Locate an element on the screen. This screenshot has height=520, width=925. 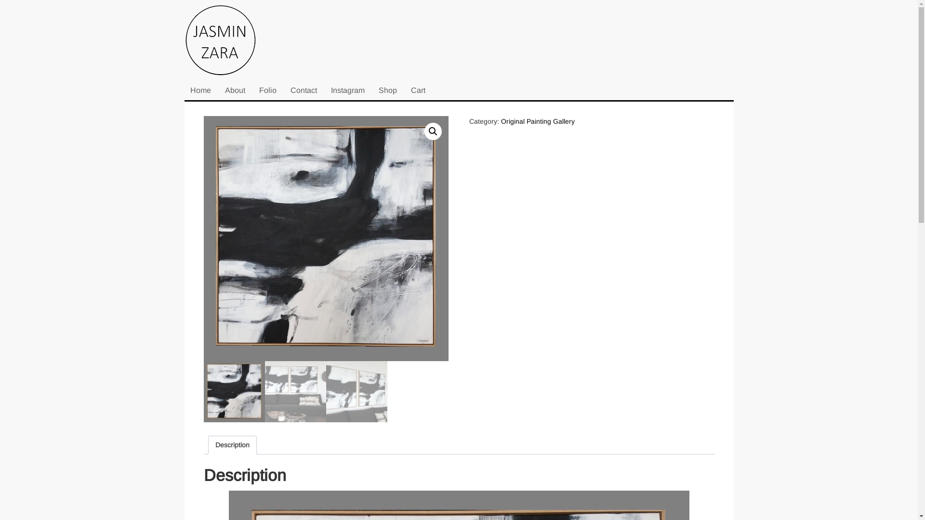
'About' is located at coordinates (218, 91).